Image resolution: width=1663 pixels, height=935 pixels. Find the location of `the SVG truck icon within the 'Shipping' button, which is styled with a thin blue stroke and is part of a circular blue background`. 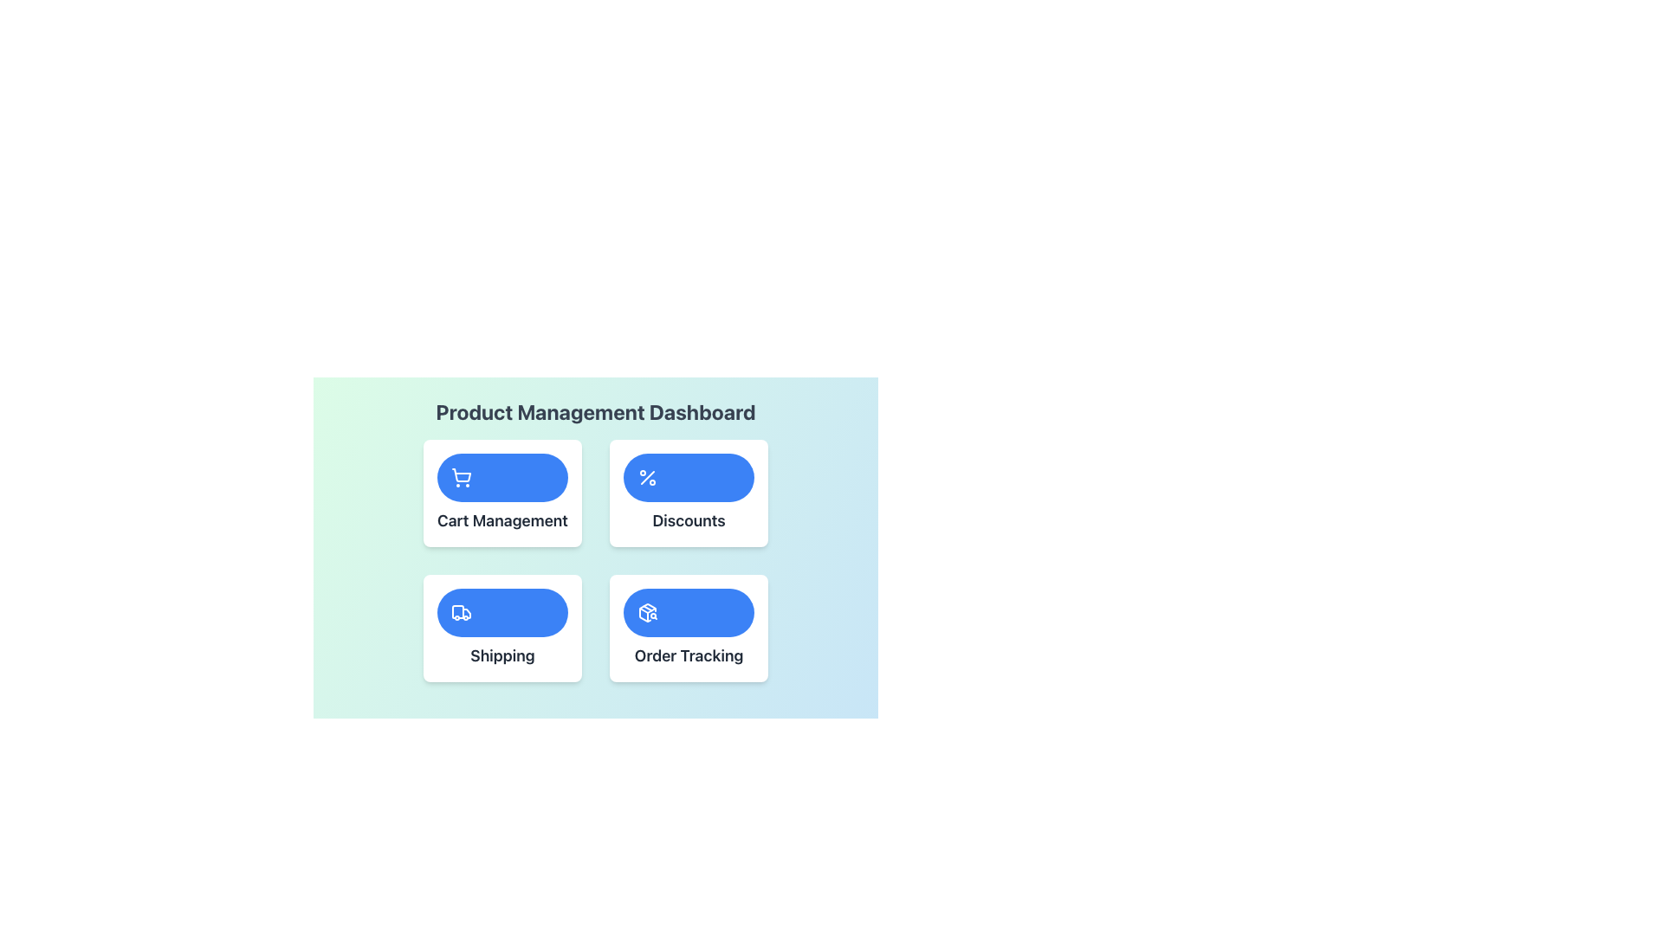

the SVG truck icon within the 'Shipping' button, which is styled with a thin blue stroke and is part of a circular blue background is located at coordinates (461, 612).